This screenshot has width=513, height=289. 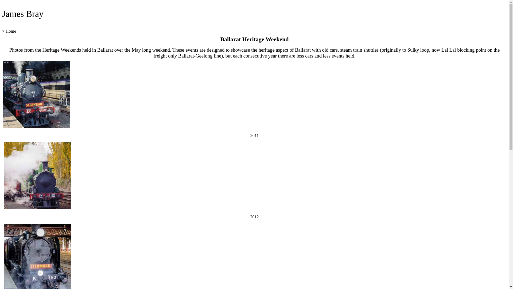 I want to click on 'James Bray', so click(x=2, y=13).